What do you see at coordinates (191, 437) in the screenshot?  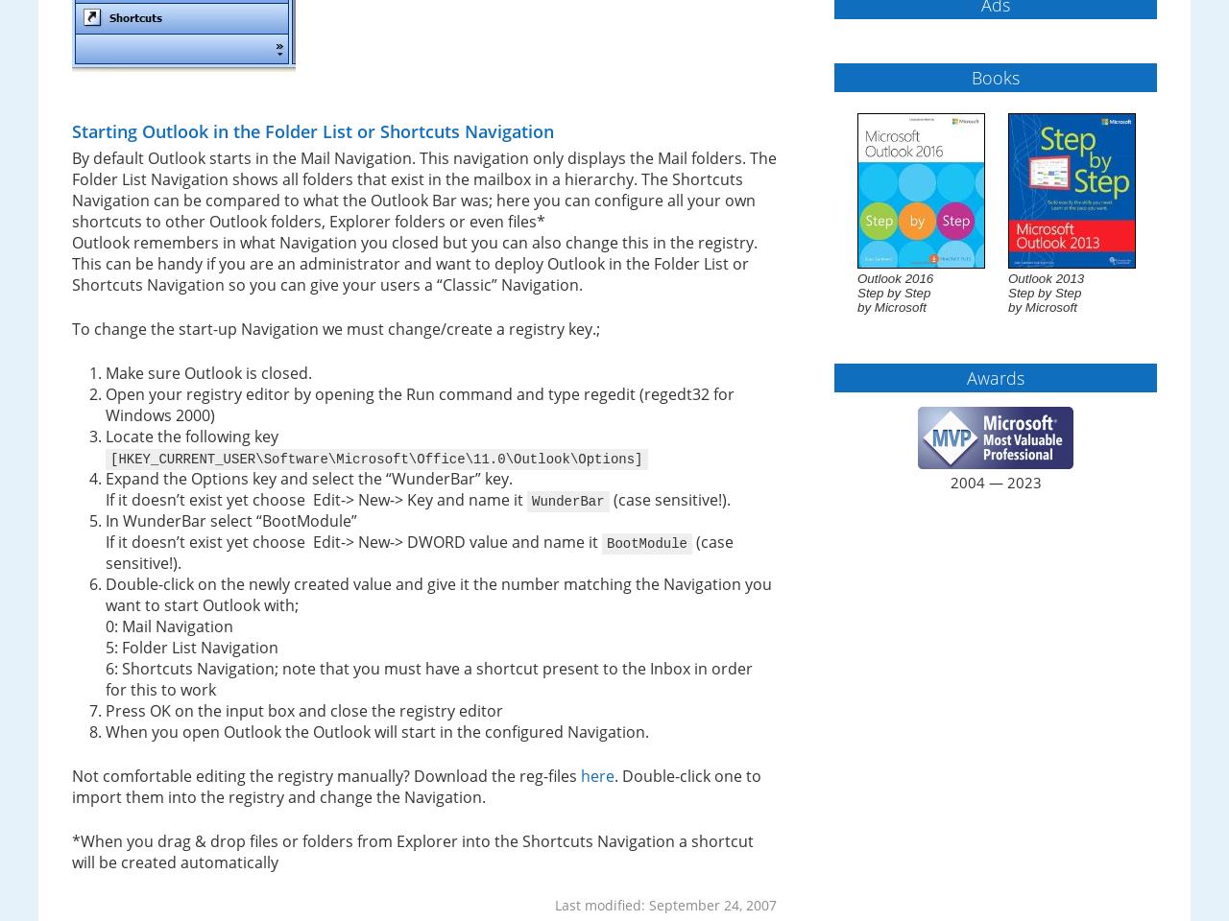 I see `'Locate the following key'` at bounding box center [191, 437].